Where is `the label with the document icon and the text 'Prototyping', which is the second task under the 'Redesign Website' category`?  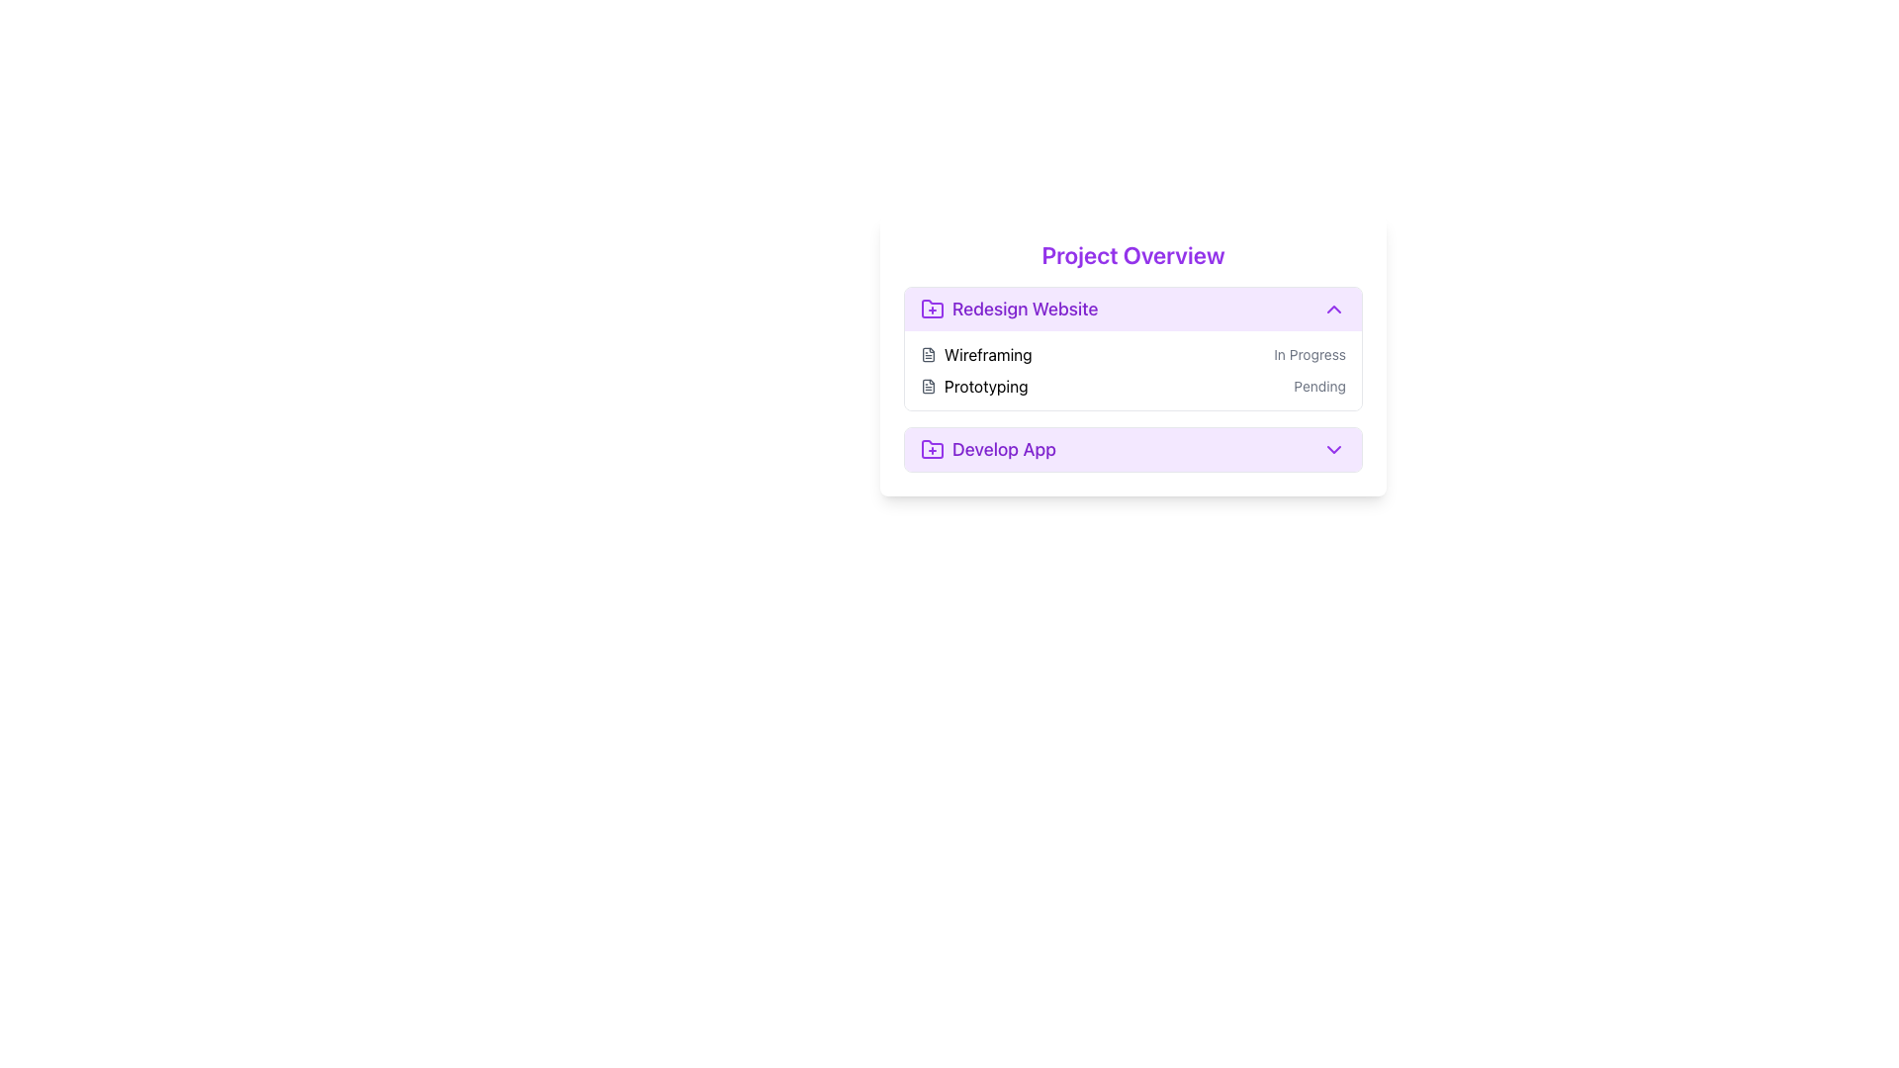 the label with the document icon and the text 'Prototyping', which is the second task under the 'Redesign Website' category is located at coordinates (974, 386).